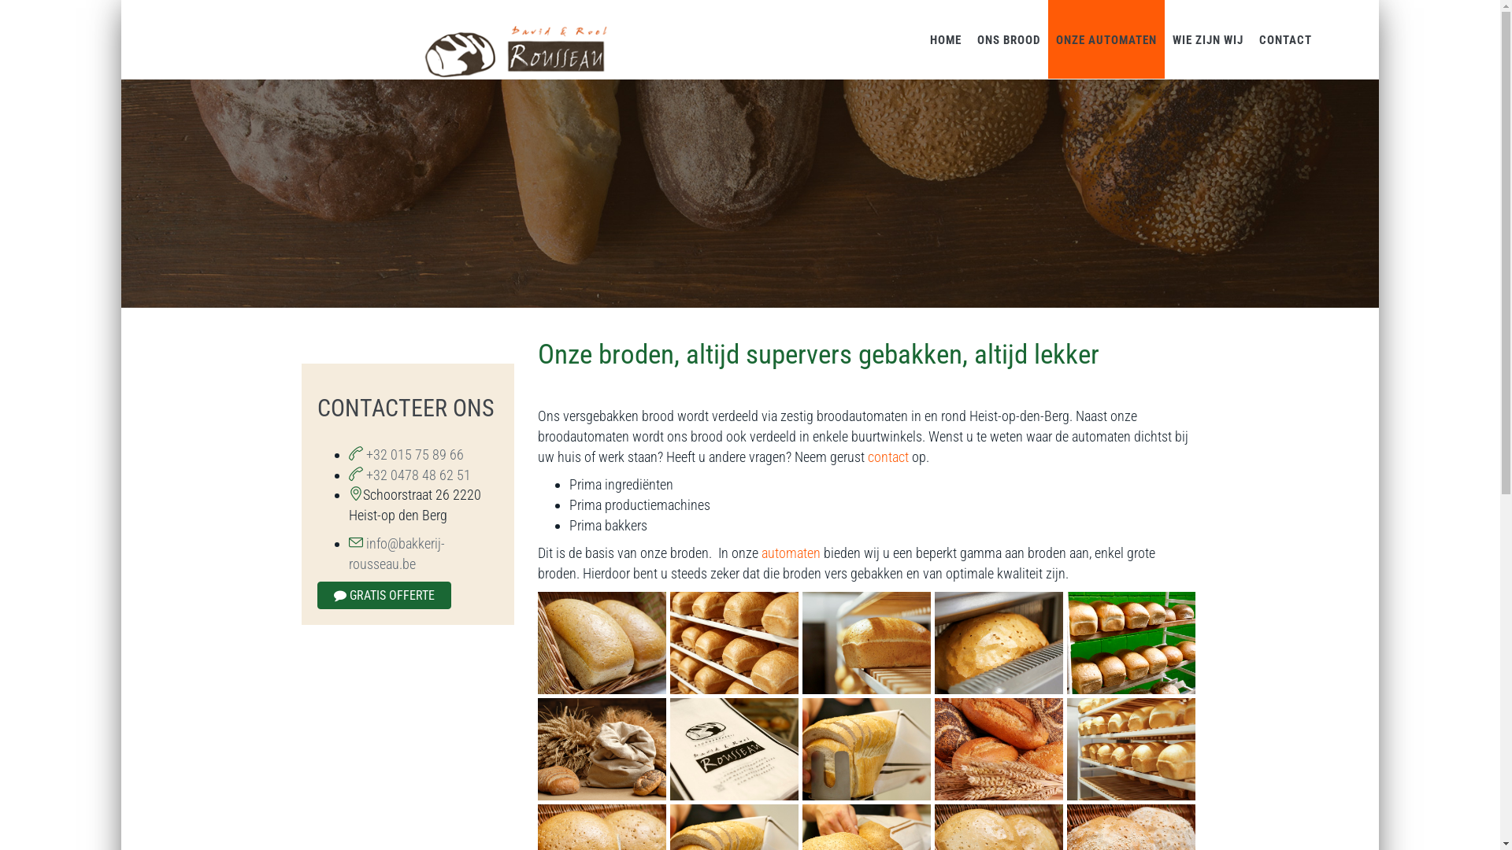  I want to click on 'ONS BROOD', so click(1009, 39).